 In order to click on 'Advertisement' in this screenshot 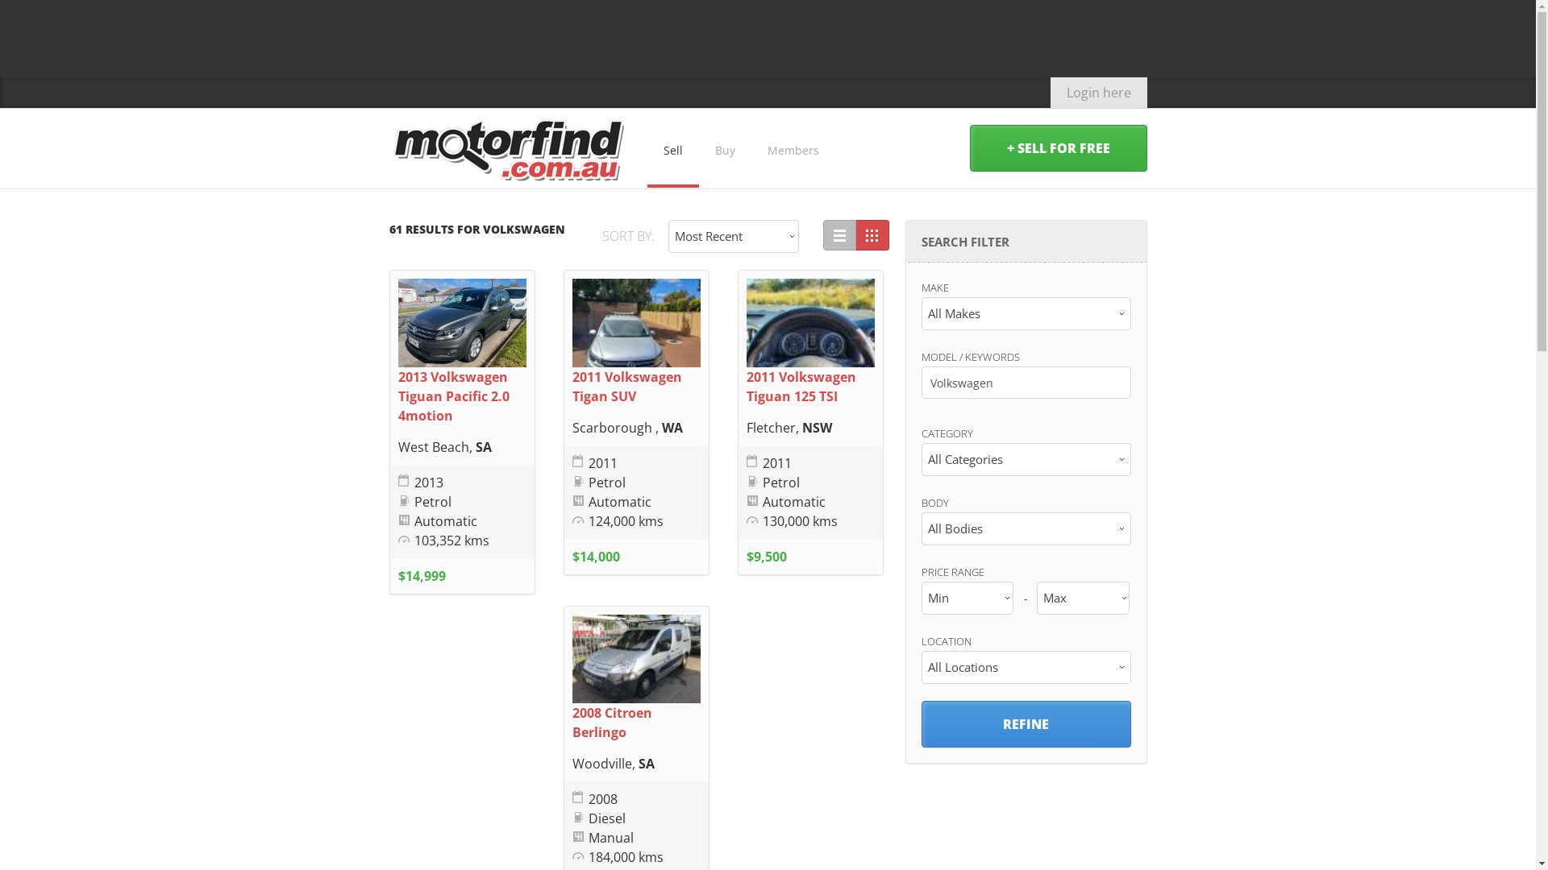, I will do `click(766, 36)`.